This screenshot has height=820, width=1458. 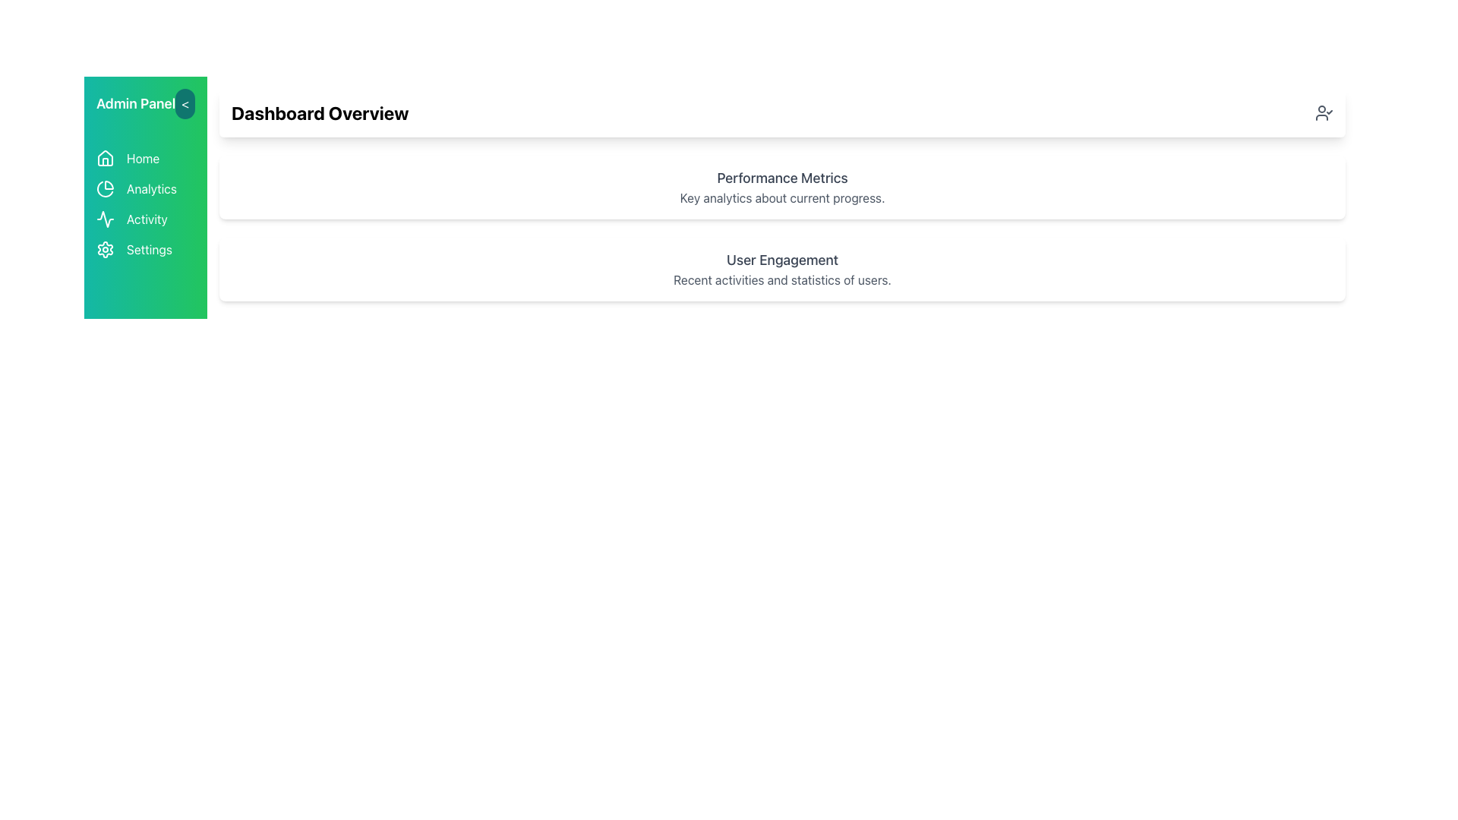 I want to click on the 'Home' icon in the vertical sidebar menu, which visually represents the current active section of the application, so click(x=105, y=158).